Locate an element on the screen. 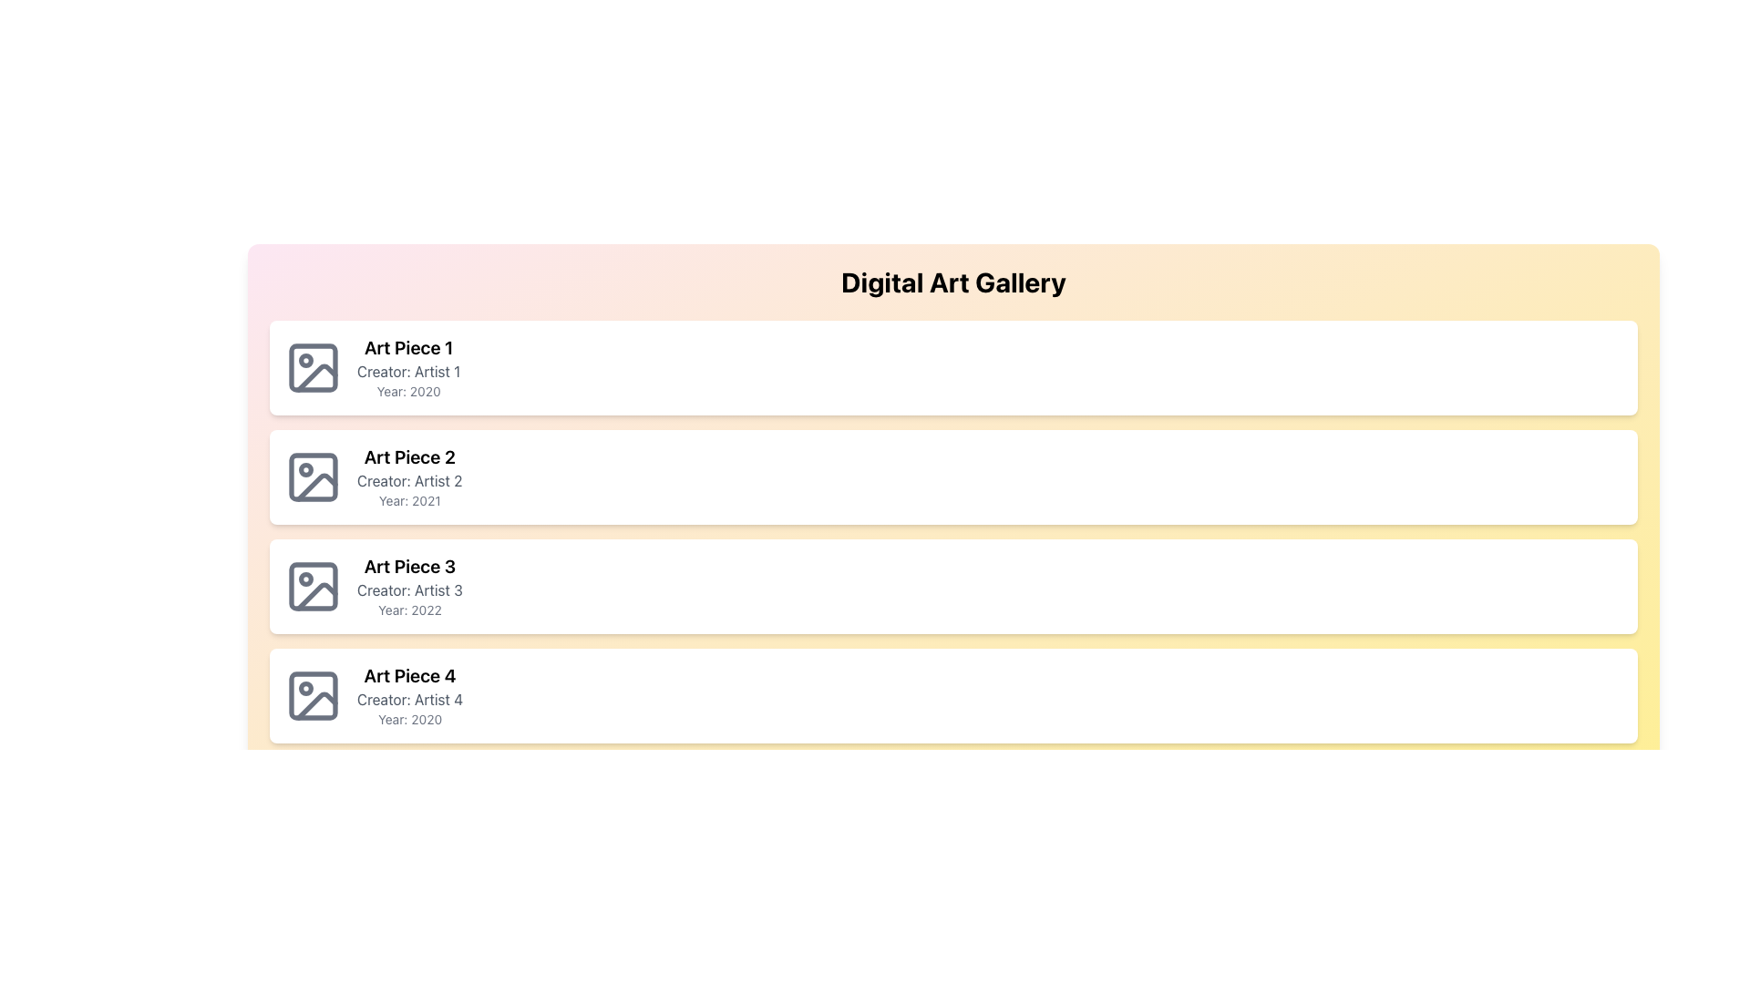  the decorative element within the SVG graphic that is part of the icon representing 'Art Piece 2' in the gallery interface, which features a diagonal line detail within a square frame is located at coordinates (316, 487).